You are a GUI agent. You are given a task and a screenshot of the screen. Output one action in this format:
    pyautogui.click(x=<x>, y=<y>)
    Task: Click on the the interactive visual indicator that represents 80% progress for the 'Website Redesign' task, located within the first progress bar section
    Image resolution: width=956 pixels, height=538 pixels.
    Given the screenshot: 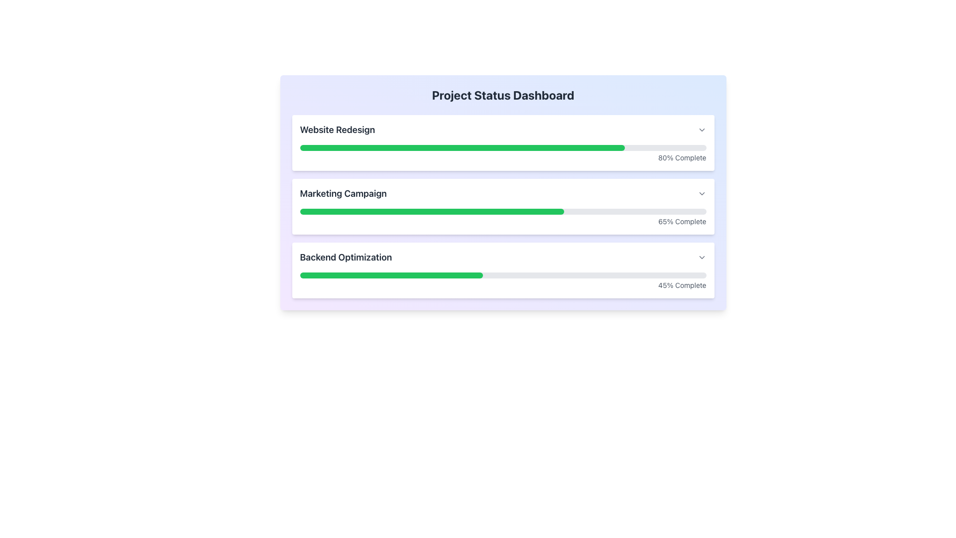 What is the action you would take?
    pyautogui.click(x=462, y=148)
    